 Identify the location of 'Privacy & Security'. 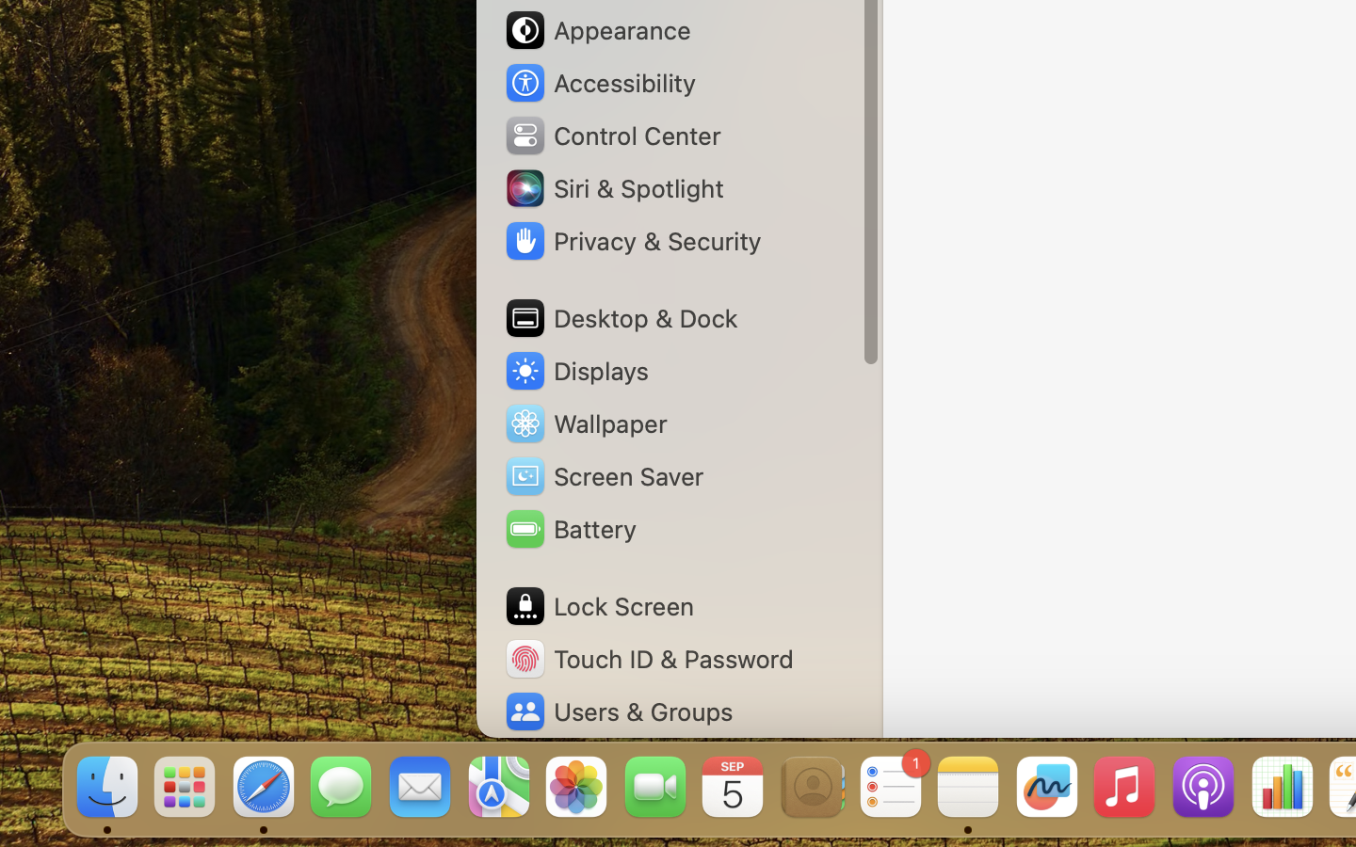
(632, 239).